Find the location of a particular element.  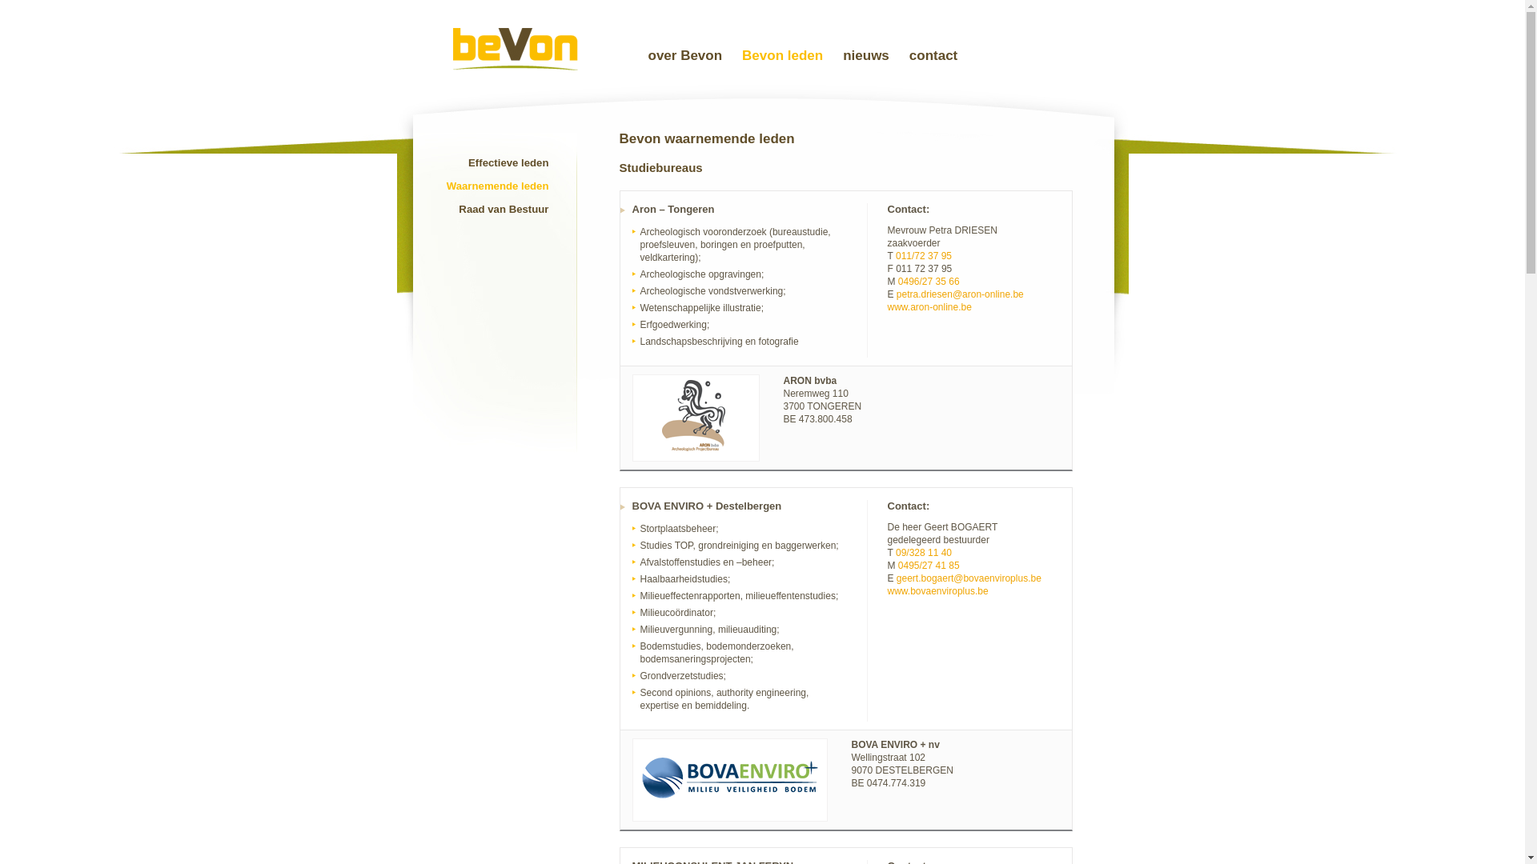

'contact' is located at coordinates (933, 54).